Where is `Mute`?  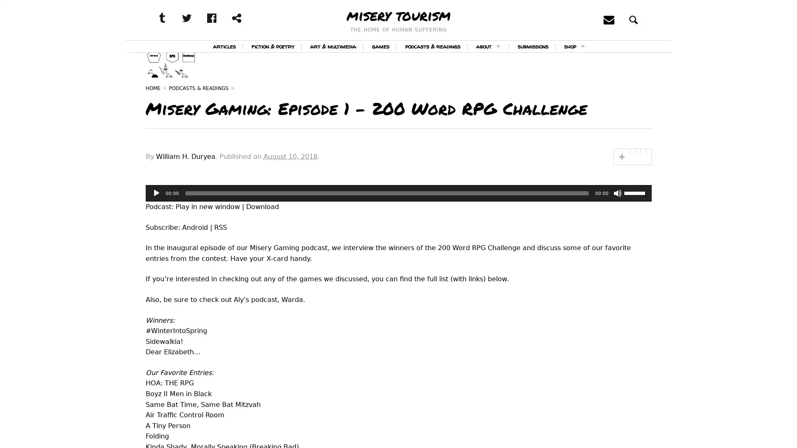
Mute is located at coordinates (617, 225).